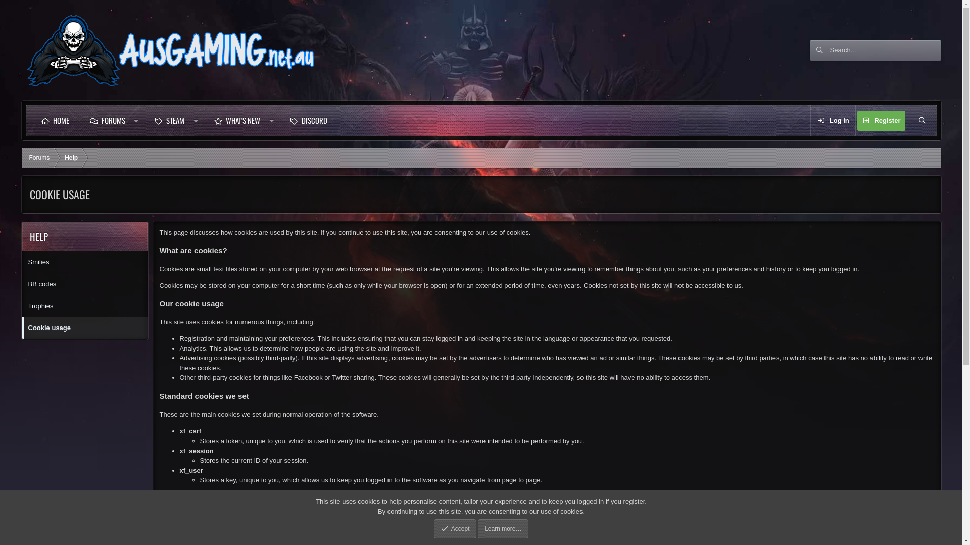  Describe the element at coordinates (54, 120) in the screenshot. I see `'HOME'` at that location.